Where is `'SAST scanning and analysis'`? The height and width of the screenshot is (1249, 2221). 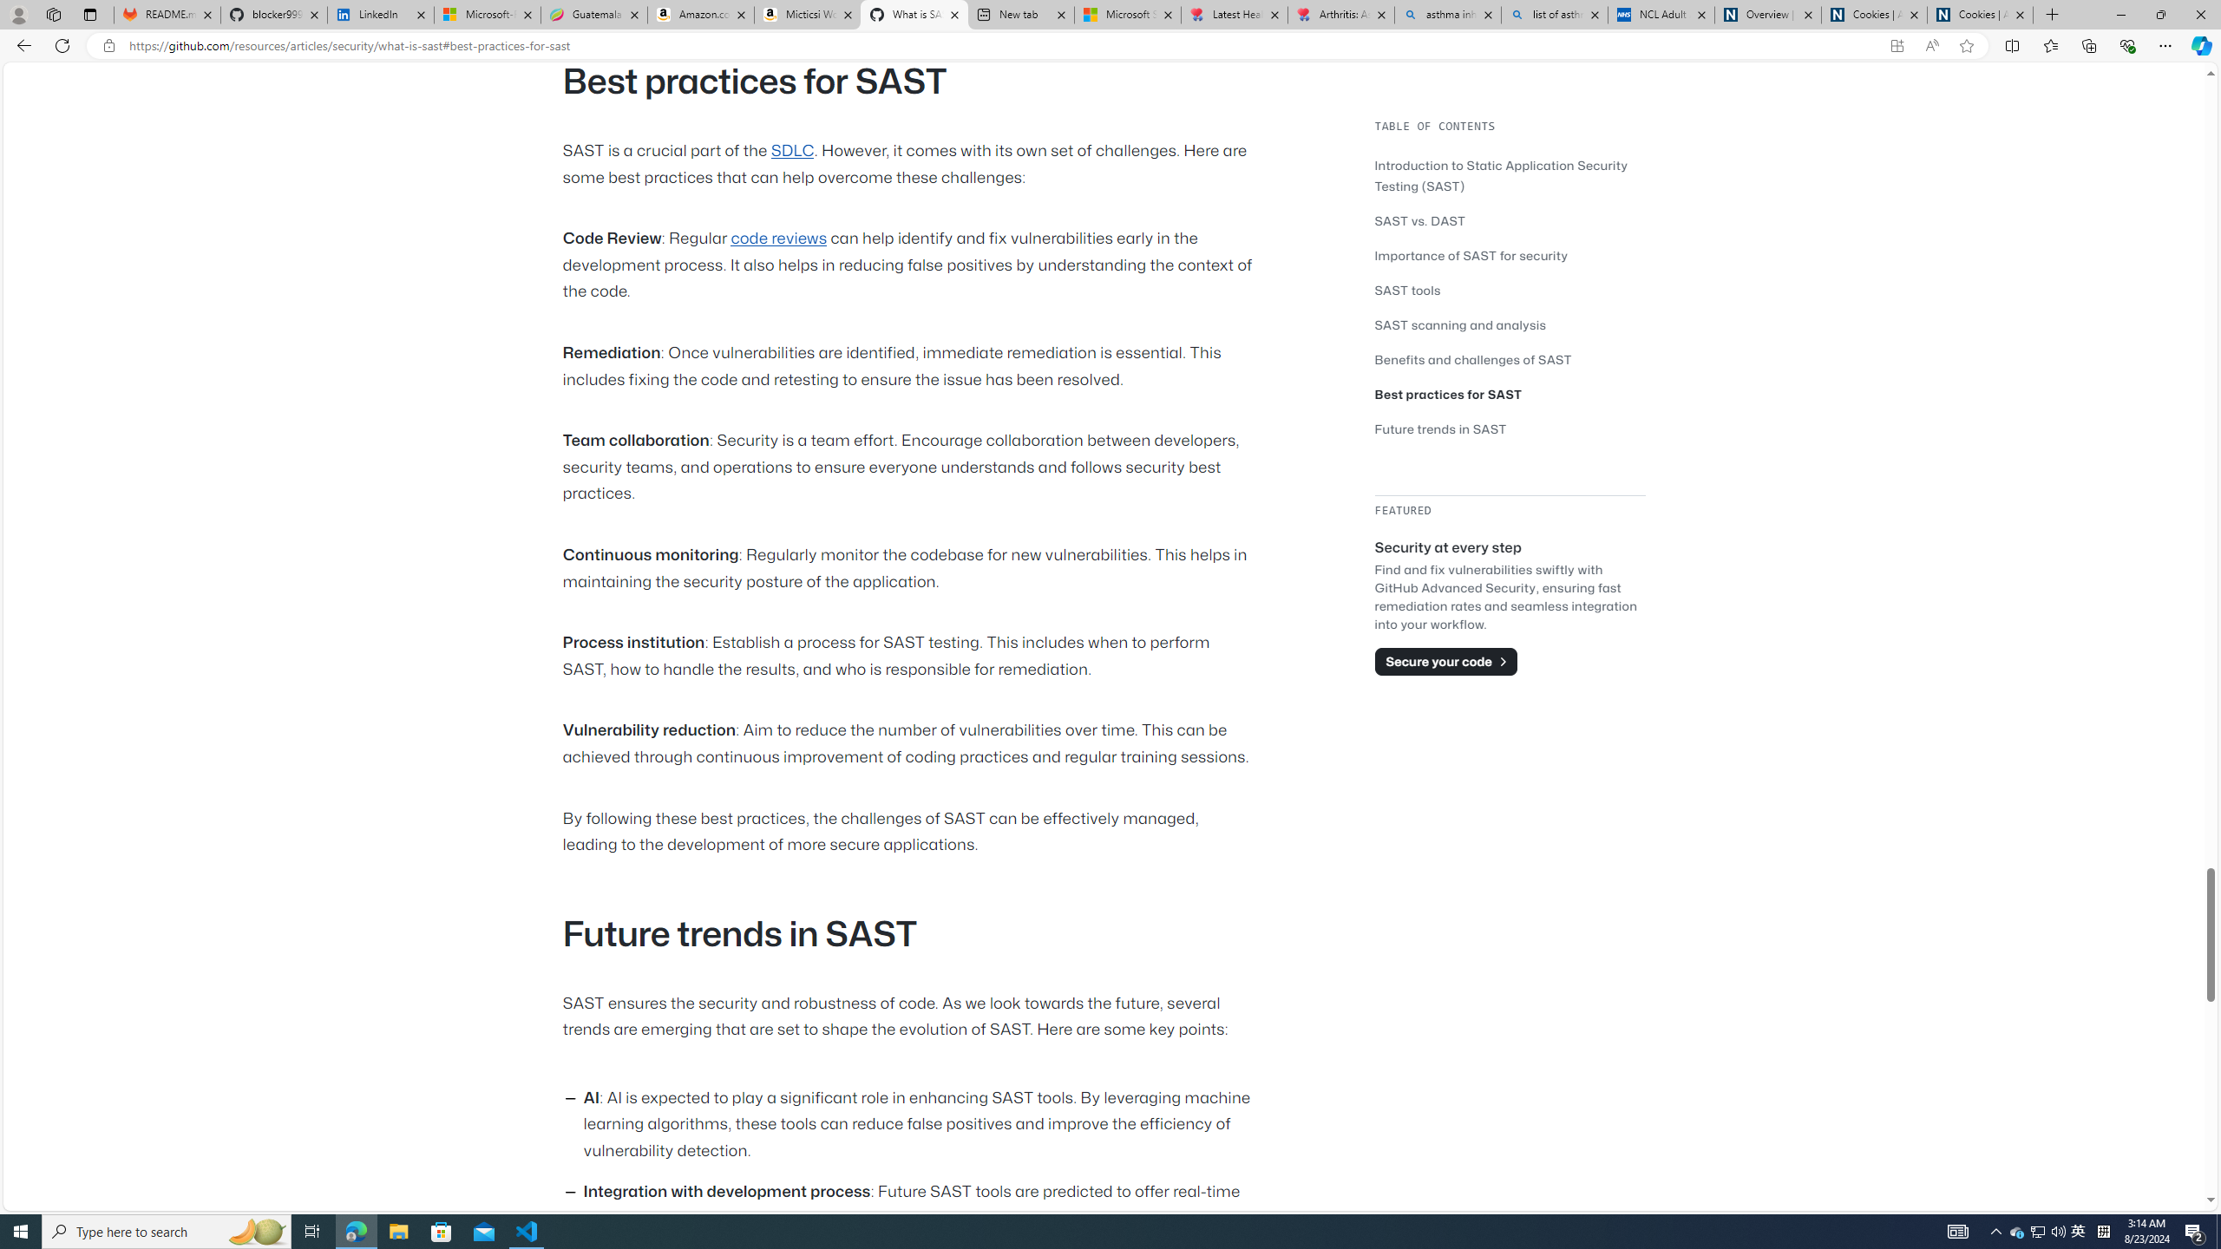 'SAST scanning and analysis' is located at coordinates (1460, 324).